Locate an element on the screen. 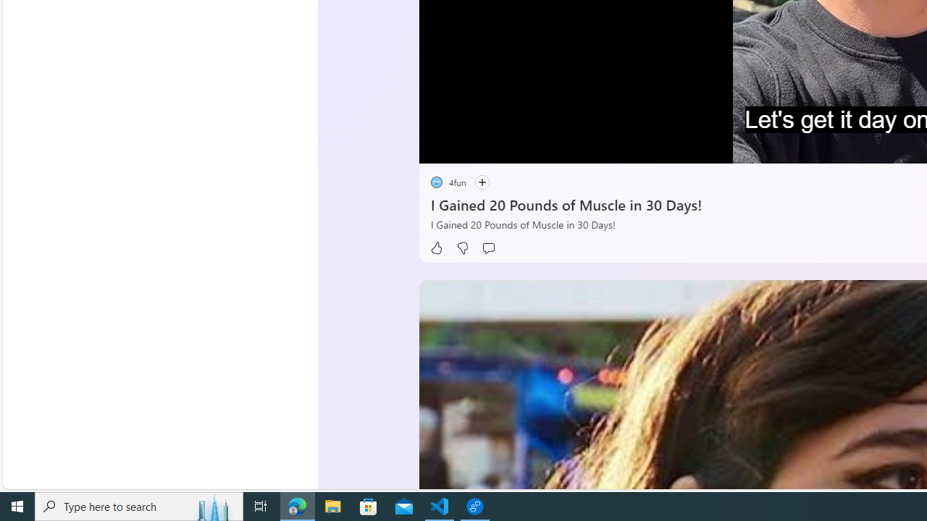 The image size is (927, 521). 'Like' is located at coordinates (435, 247).